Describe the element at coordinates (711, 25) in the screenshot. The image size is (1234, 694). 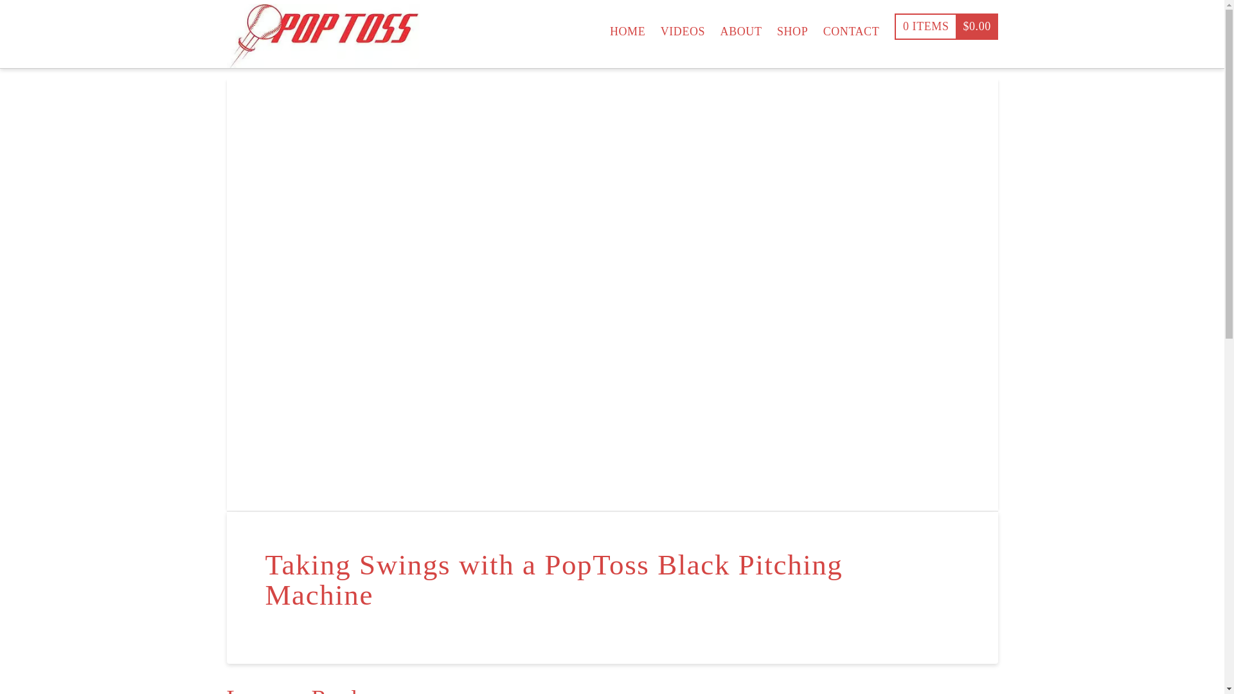
I see `'ABOUT'` at that location.